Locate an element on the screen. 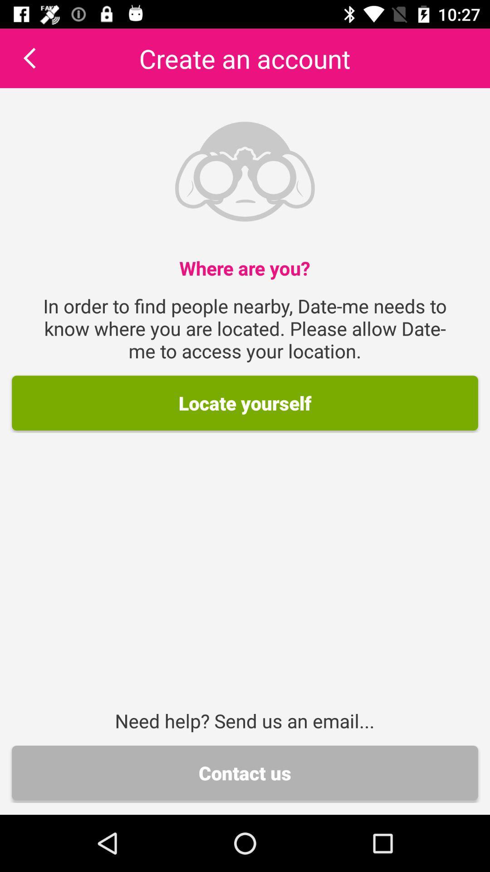 This screenshot has width=490, height=872. the item above need help send icon is located at coordinates (245, 402).